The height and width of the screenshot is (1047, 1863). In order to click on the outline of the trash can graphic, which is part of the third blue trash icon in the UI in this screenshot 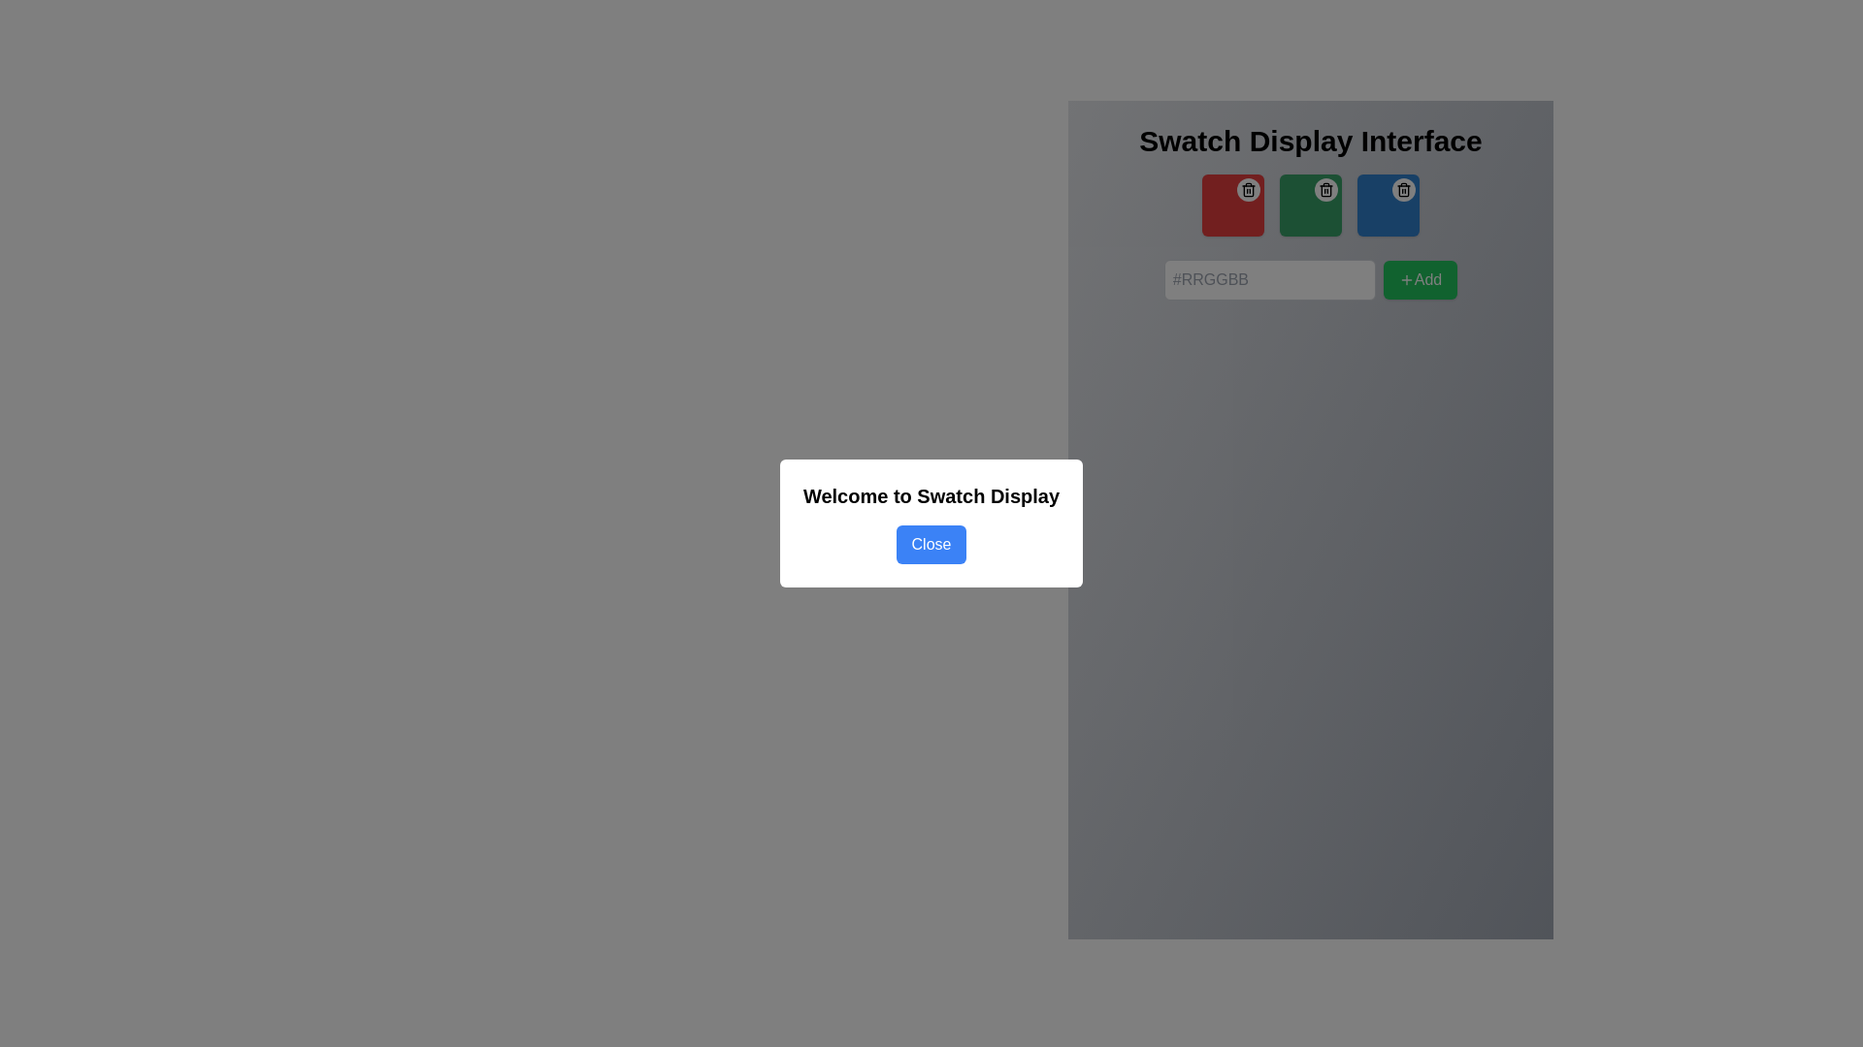, I will do `click(1403, 190)`.